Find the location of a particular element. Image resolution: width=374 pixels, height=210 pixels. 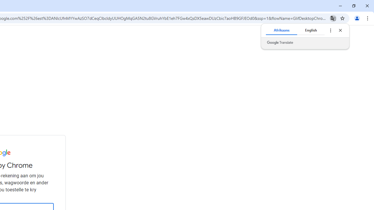

'Afrikaans' is located at coordinates (281, 30).